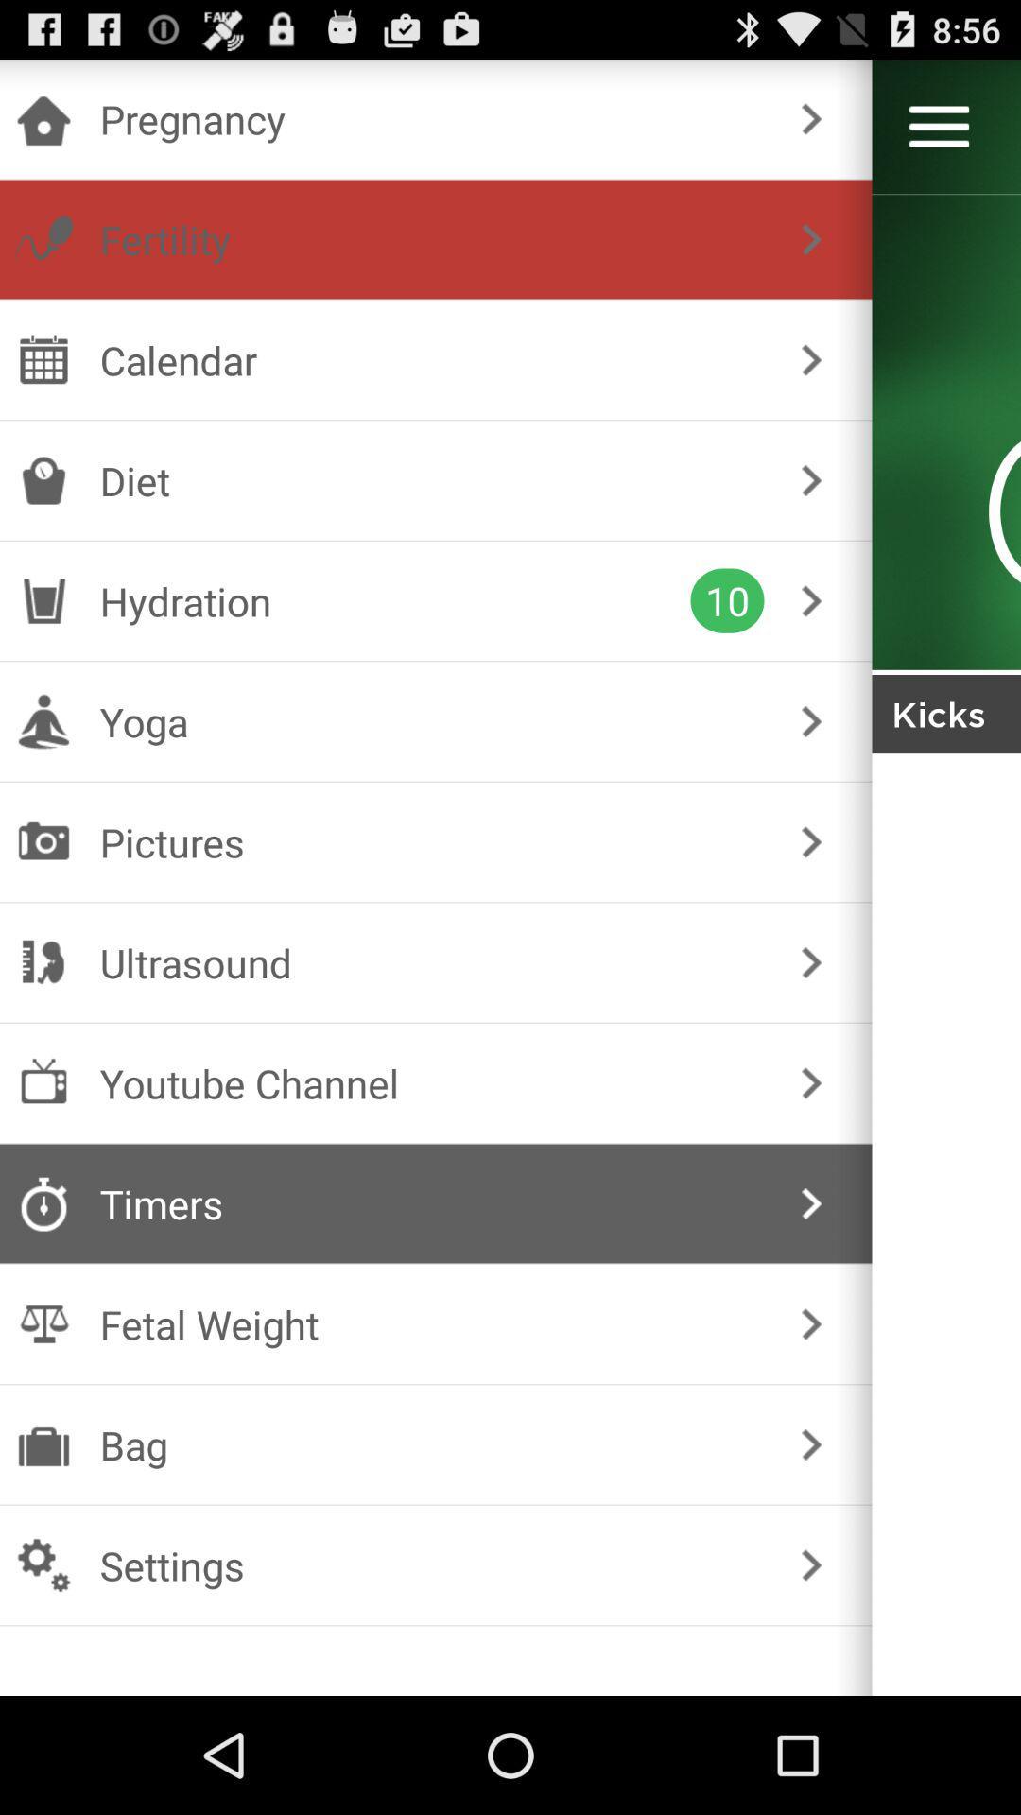 Image resolution: width=1021 pixels, height=1815 pixels. I want to click on the arrow icon on right side of text pregnancy, so click(811, 118).